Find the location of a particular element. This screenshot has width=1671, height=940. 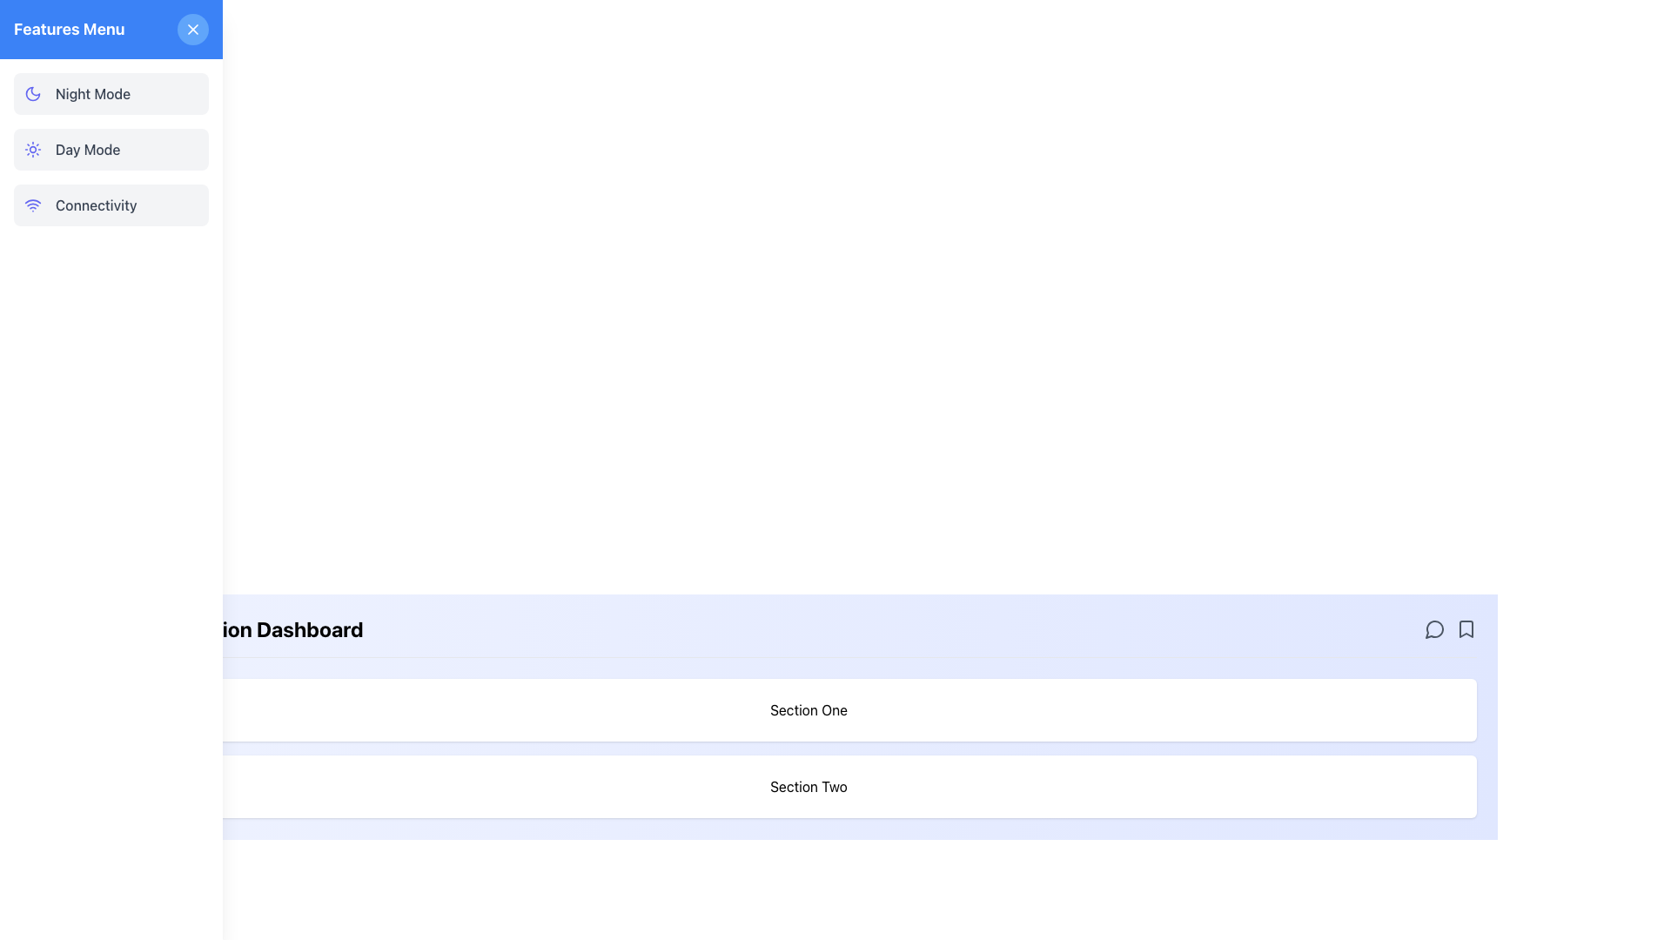

the text label that displays 'Application Dashboard', which is a prominent header in bold, large font on a light blue background is located at coordinates (251, 628).